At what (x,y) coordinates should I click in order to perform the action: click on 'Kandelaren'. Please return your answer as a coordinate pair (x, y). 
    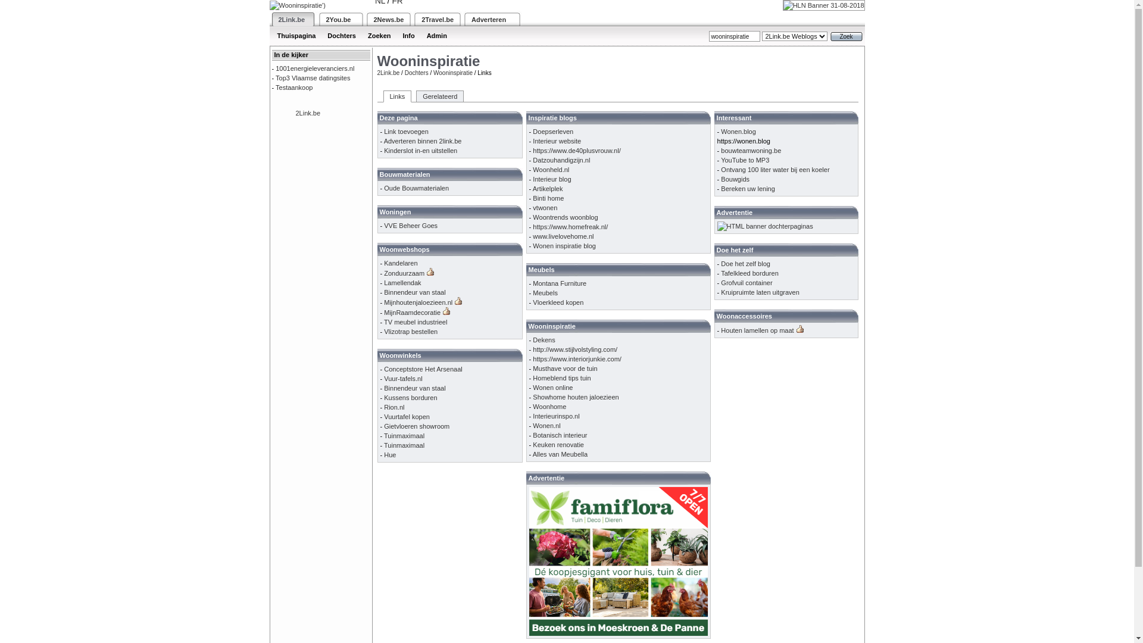
    Looking at the image, I should click on (400, 263).